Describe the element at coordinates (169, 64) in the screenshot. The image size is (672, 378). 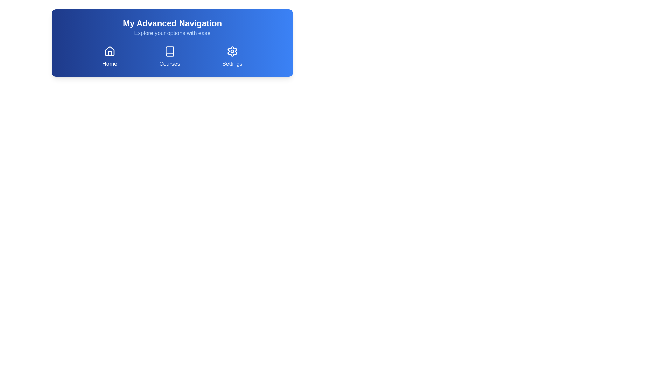
I see `the text label displaying 'Courses' in white font, located centrally in the blue navigation bar beneath the book icon` at that location.